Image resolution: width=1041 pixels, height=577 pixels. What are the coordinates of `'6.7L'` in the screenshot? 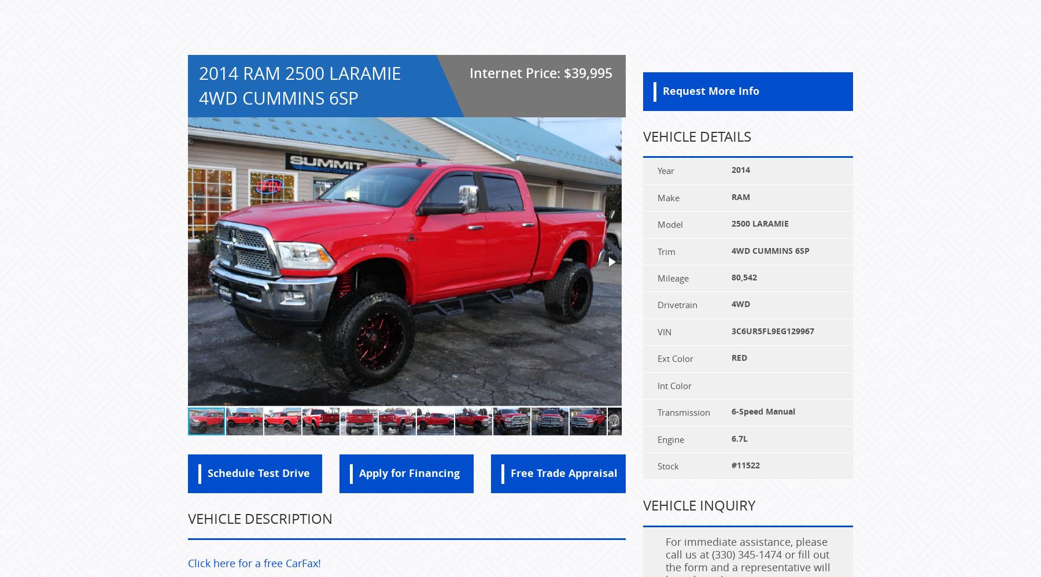 It's located at (739, 437).